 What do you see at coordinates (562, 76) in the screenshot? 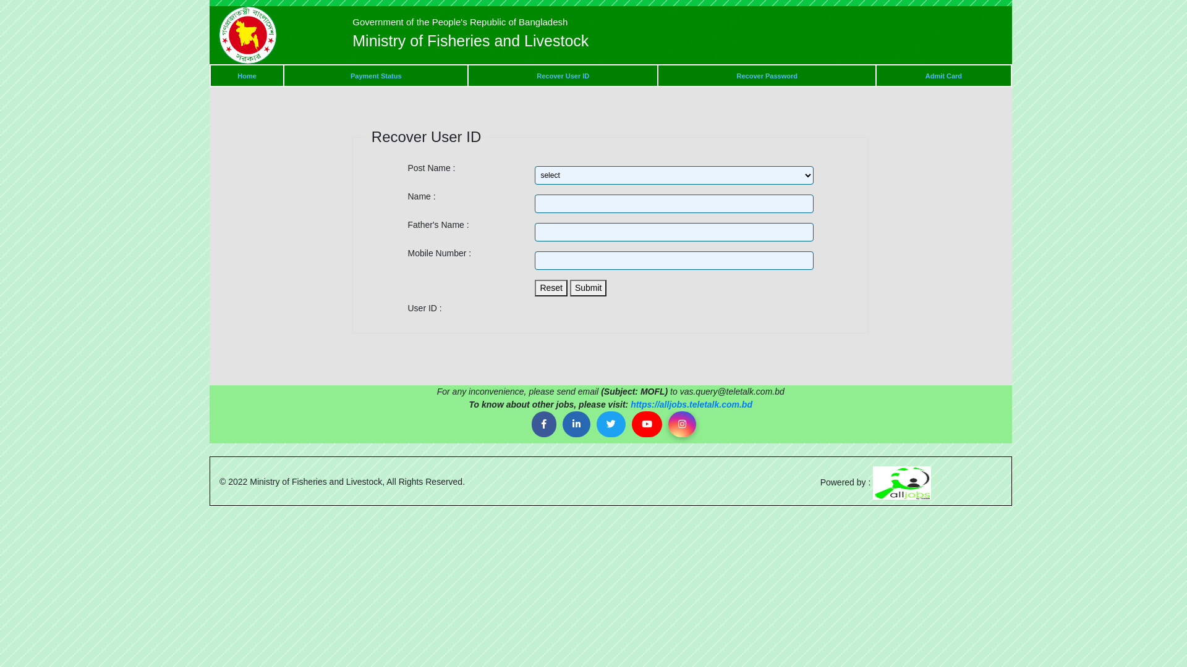
I see `'Recover User ID'` at bounding box center [562, 76].